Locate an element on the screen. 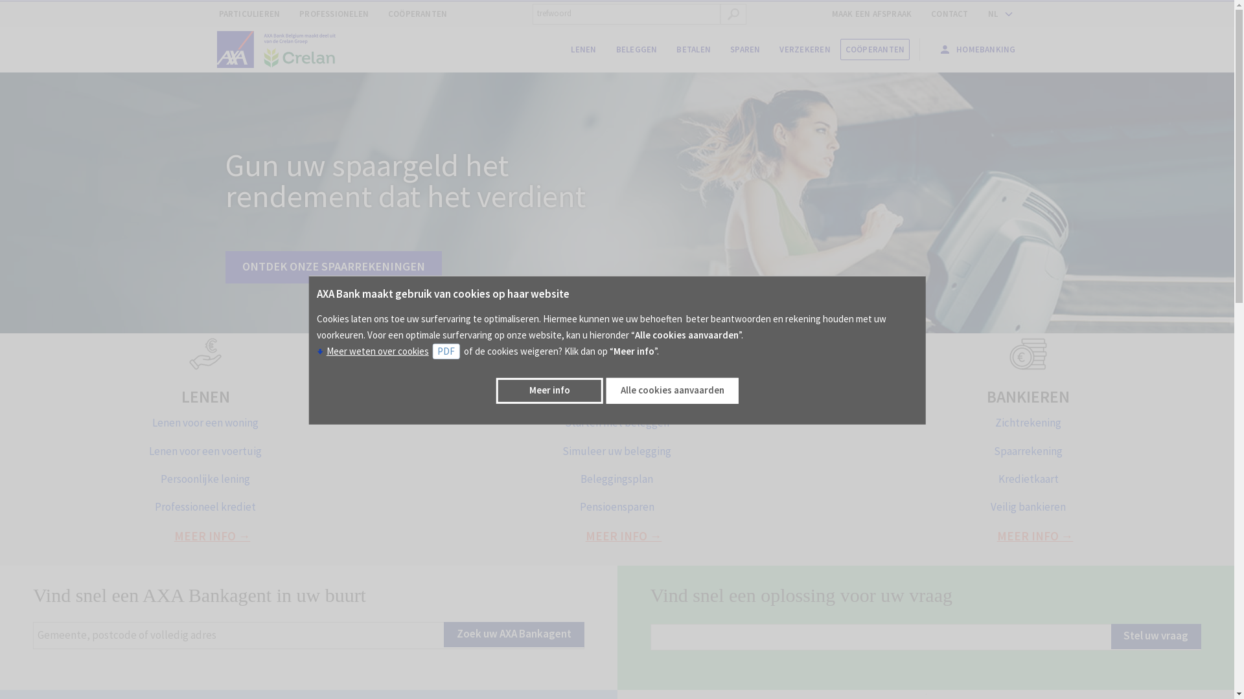 The image size is (1244, 699). 'LENEN' is located at coordinates (180, 396).